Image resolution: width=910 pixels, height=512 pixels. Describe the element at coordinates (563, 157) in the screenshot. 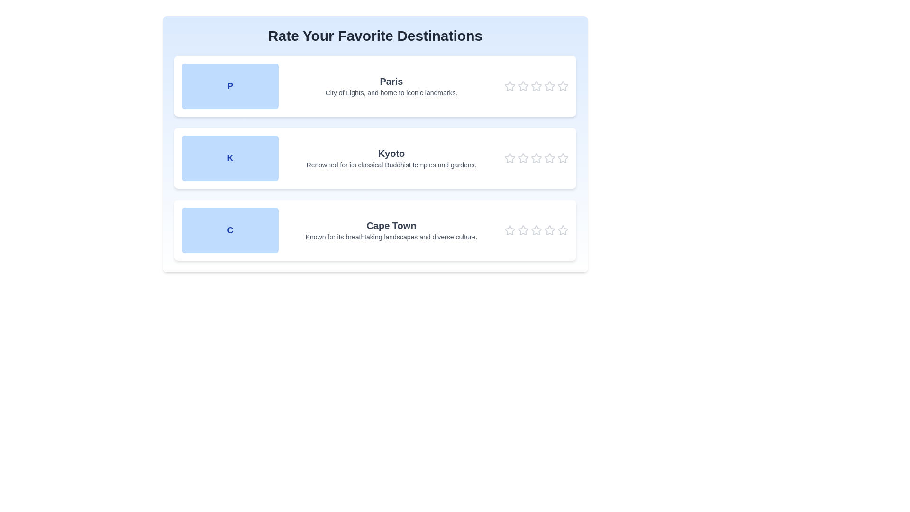

I see `the hollow star-shaped rating icon located to the right of the entry labeled 'Kyoto'` at that location.